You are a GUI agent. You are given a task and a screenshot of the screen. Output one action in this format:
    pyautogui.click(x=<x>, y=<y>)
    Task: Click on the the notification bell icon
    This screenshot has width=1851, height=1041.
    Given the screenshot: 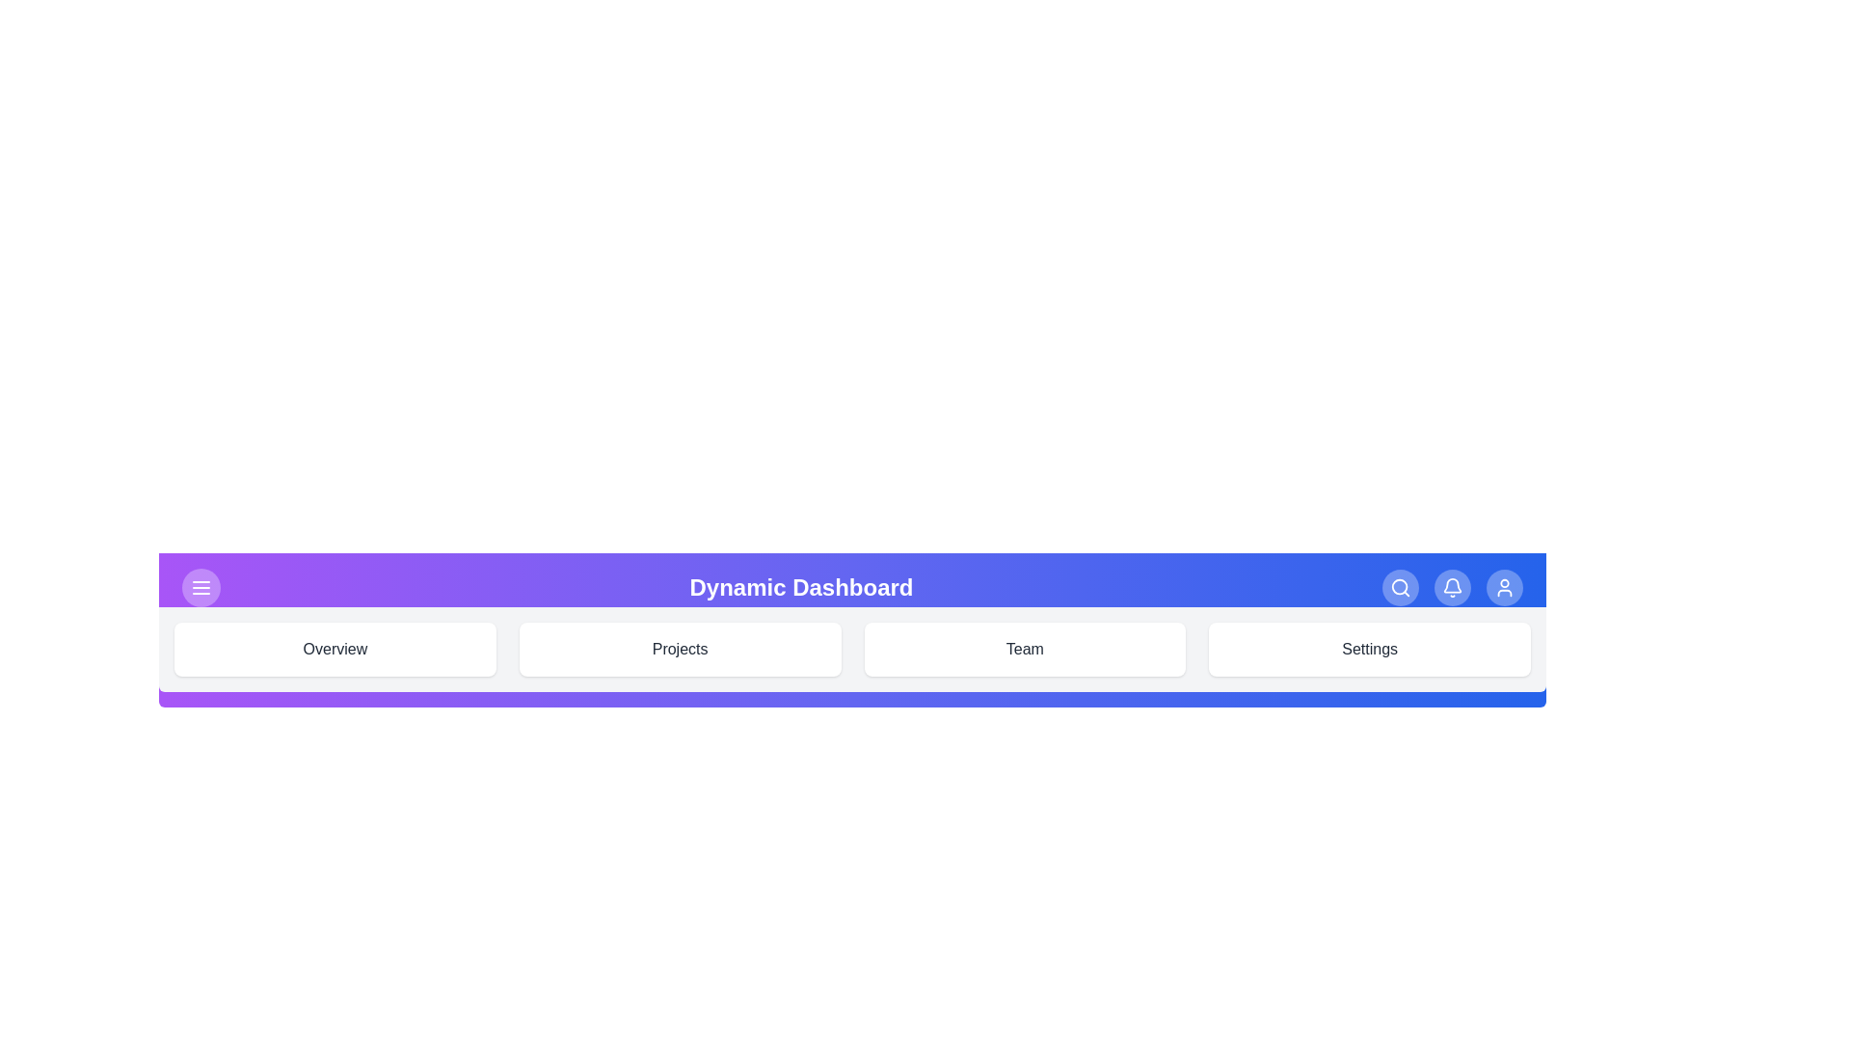 What is the action you would take?
    pyautogui.click(x=1453, y=586)
    